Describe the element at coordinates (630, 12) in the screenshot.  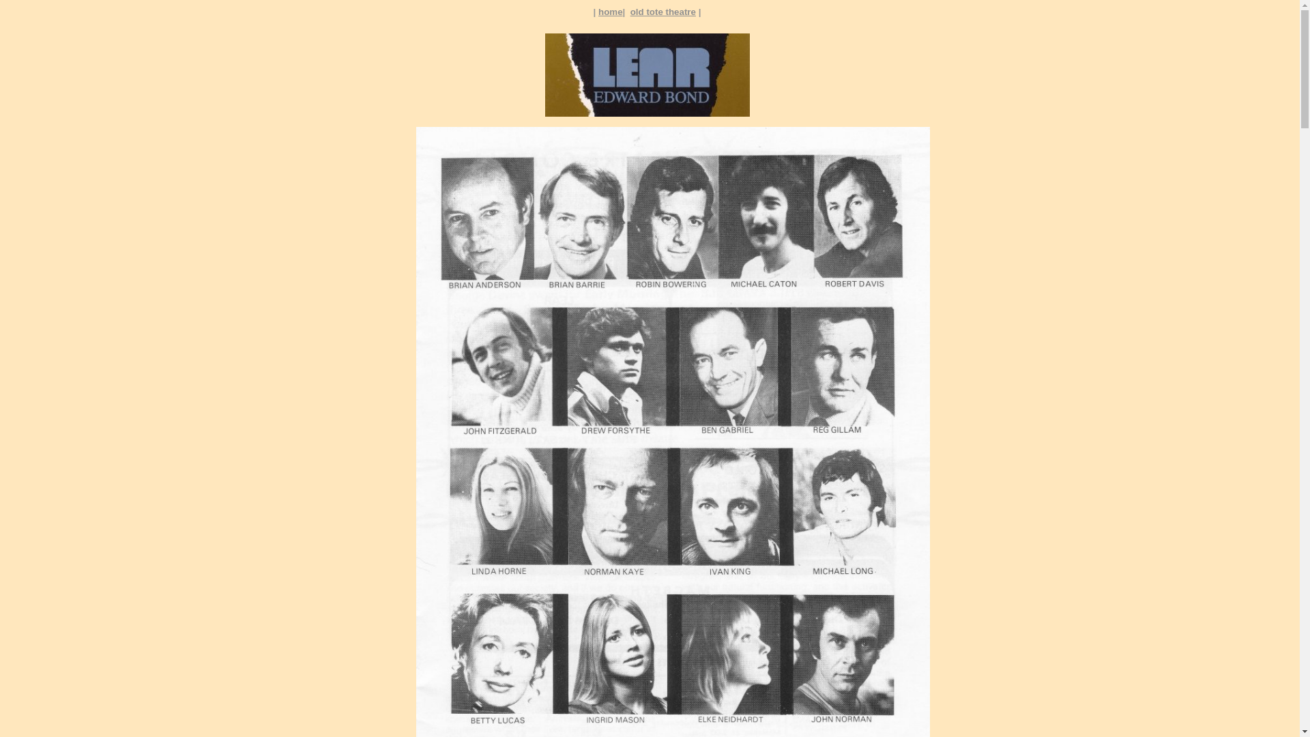
I see `'old tote theatre'` at that location.